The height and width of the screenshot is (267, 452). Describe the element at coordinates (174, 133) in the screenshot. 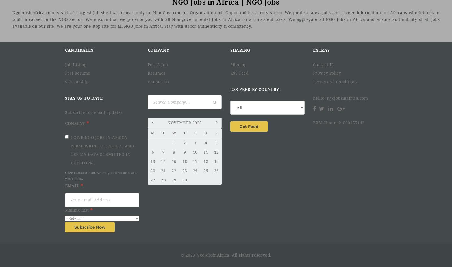

I see `'W'` at that location.